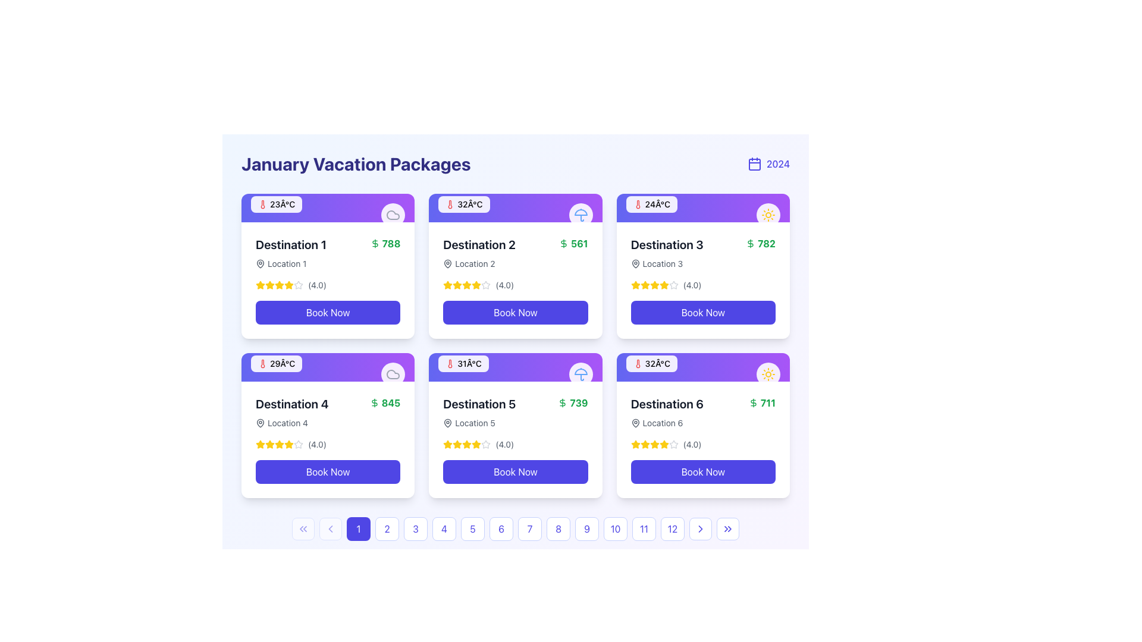 This screenshot has height=642, width=1142. What do you see at coordinates (486, 444) in the screenshot?
I see `the fourth star icon in the rating system for the 'Destination 5' card` at bounding box center [486, 444].